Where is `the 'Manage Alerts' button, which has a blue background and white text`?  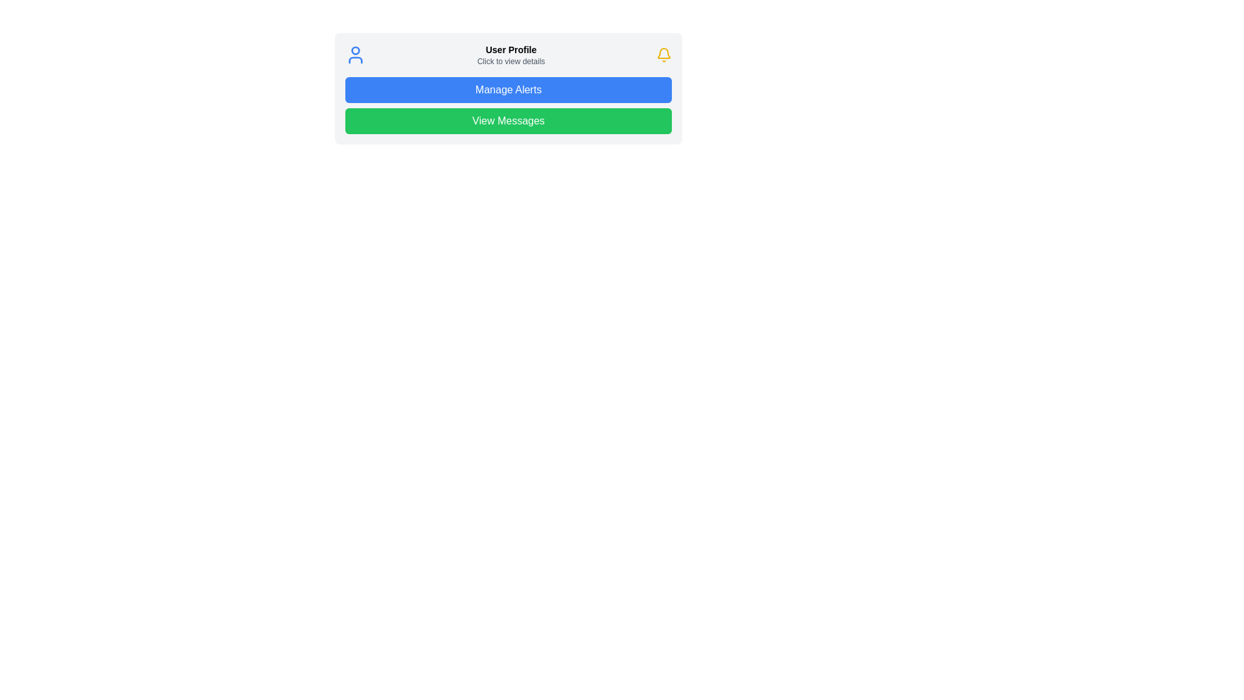 the 'Manage Alerts' button, which has a blue background and white text is located at coordinates (508, 89).